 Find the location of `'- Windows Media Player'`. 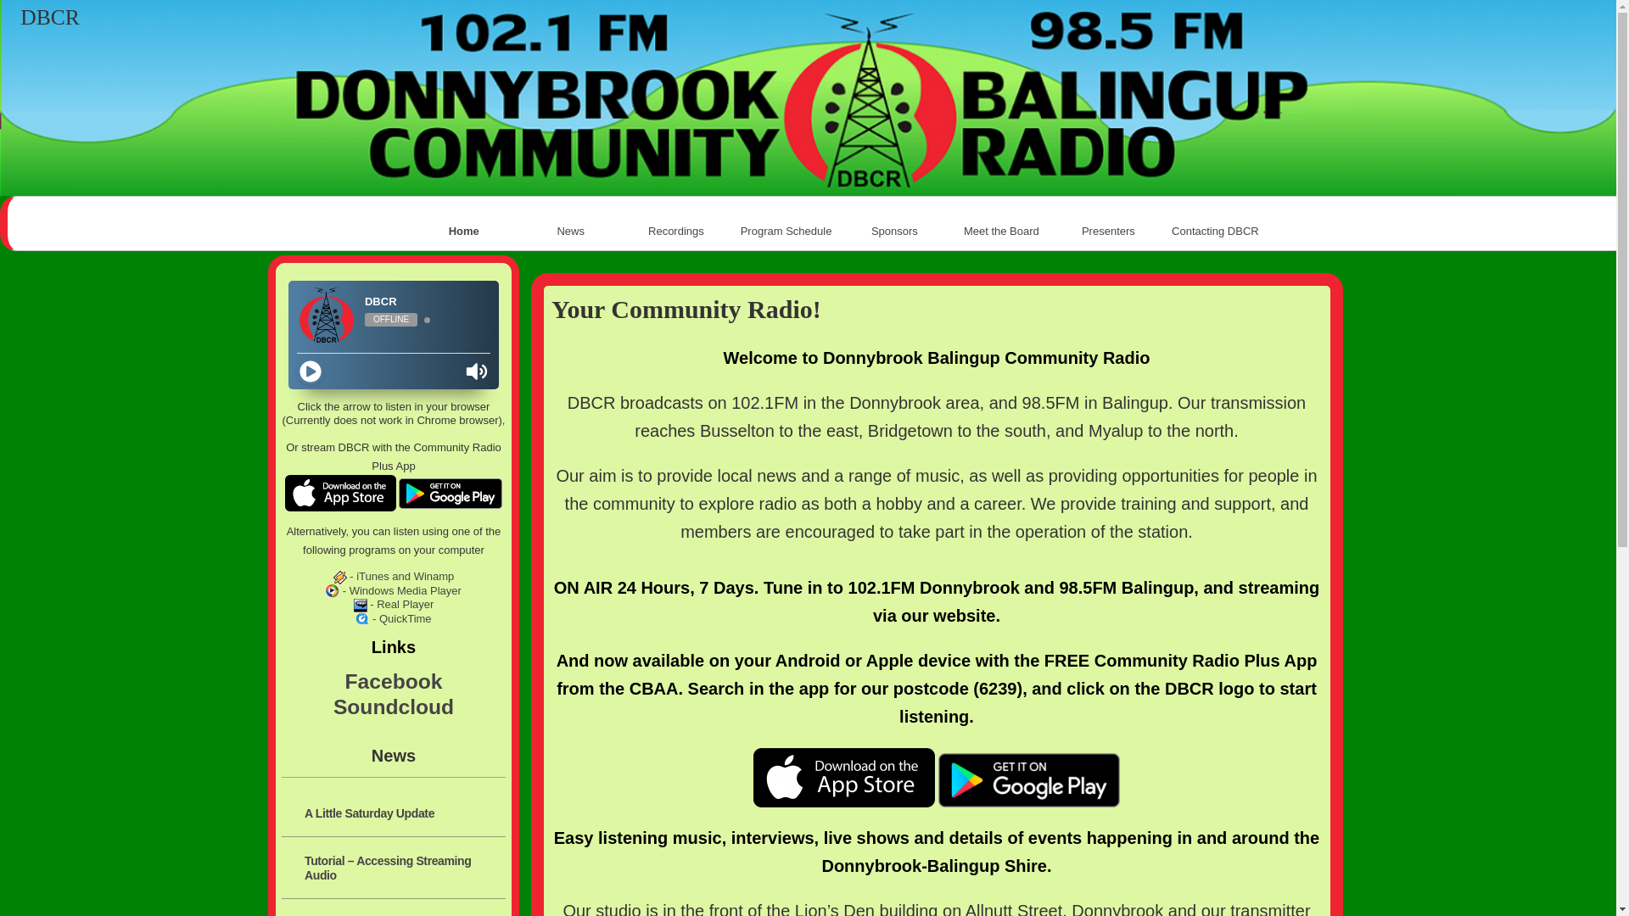

'- Windows Media Player' is located at coordinates (326, 589).